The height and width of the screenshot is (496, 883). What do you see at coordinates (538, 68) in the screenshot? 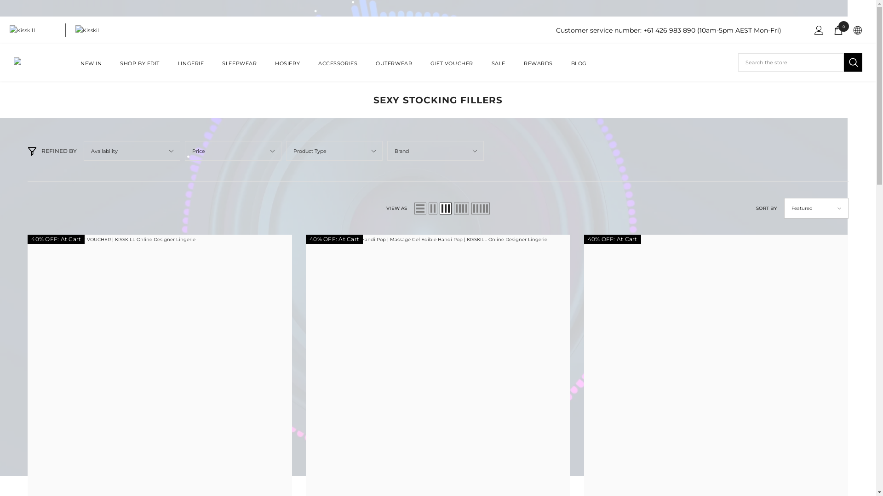
I see `'REWARDS'` at bounding box center [538, 68].